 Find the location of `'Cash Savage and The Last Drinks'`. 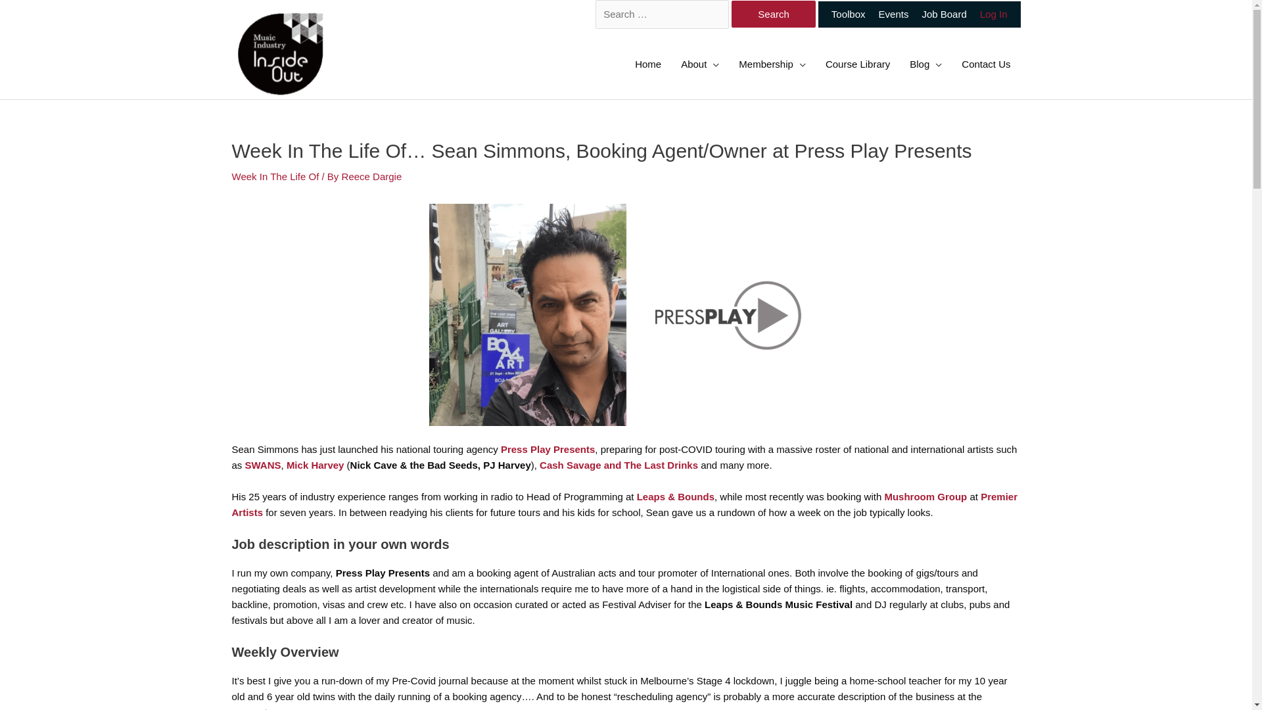

'Cash Savage and The Last Drinks' is located at coordinates (618, 464).